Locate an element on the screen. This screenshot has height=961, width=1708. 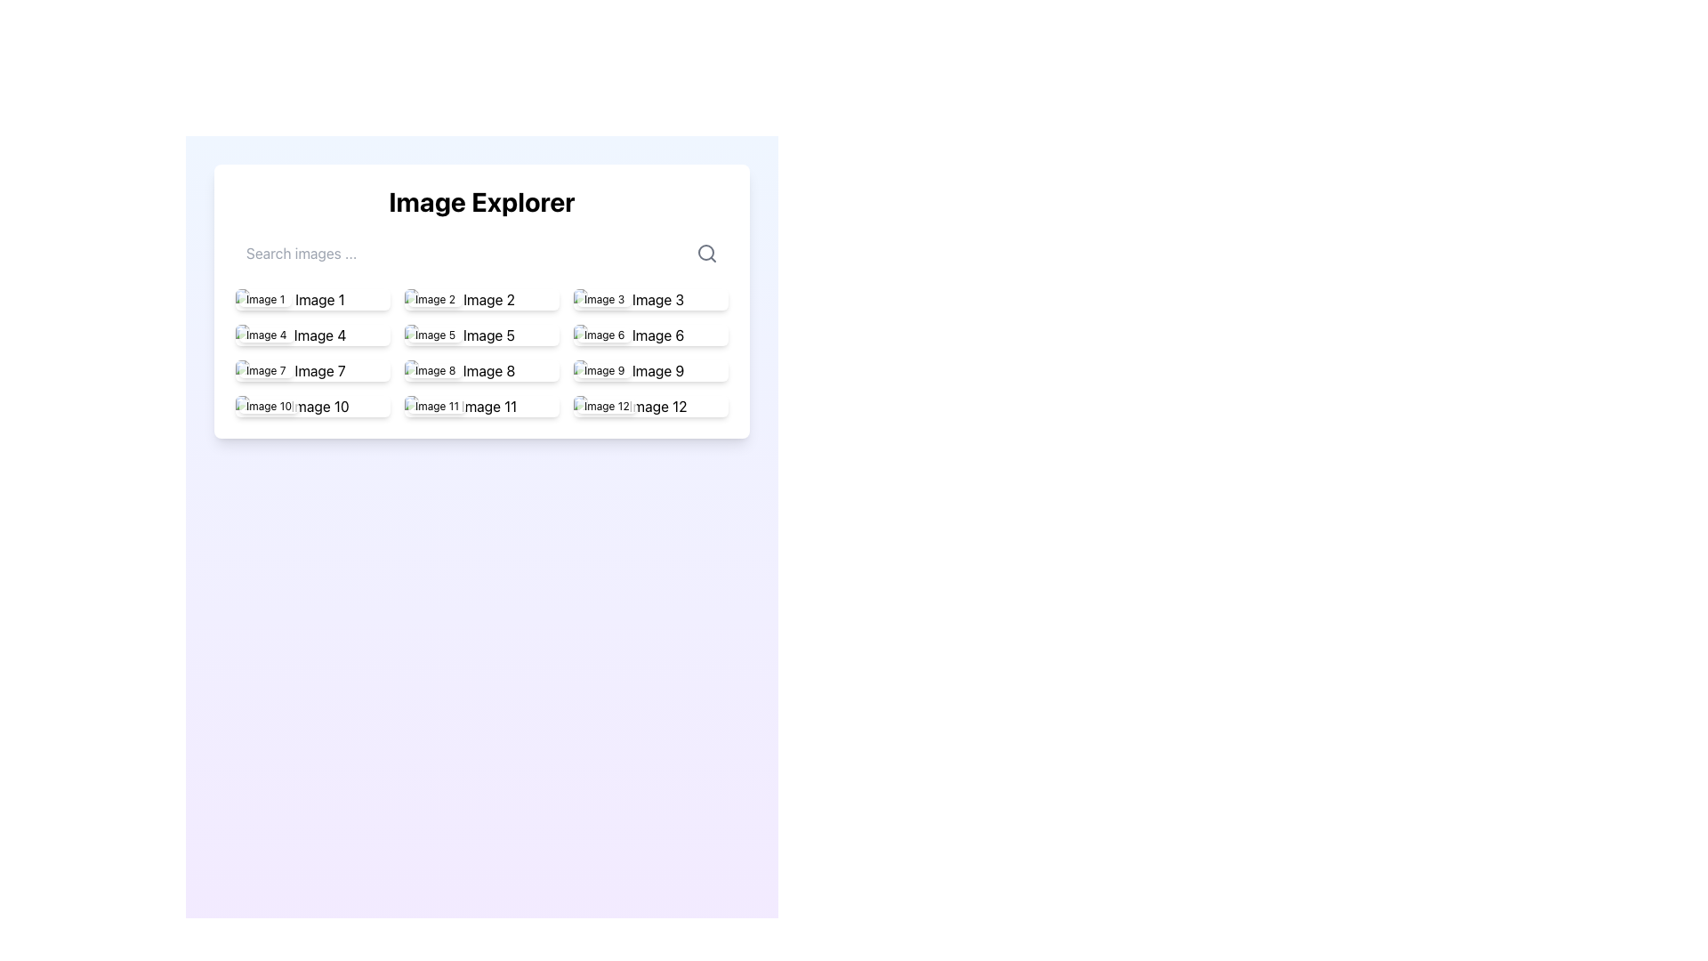
the thumbnail labeled 'Image 3' is located at coordinates (649, 298).